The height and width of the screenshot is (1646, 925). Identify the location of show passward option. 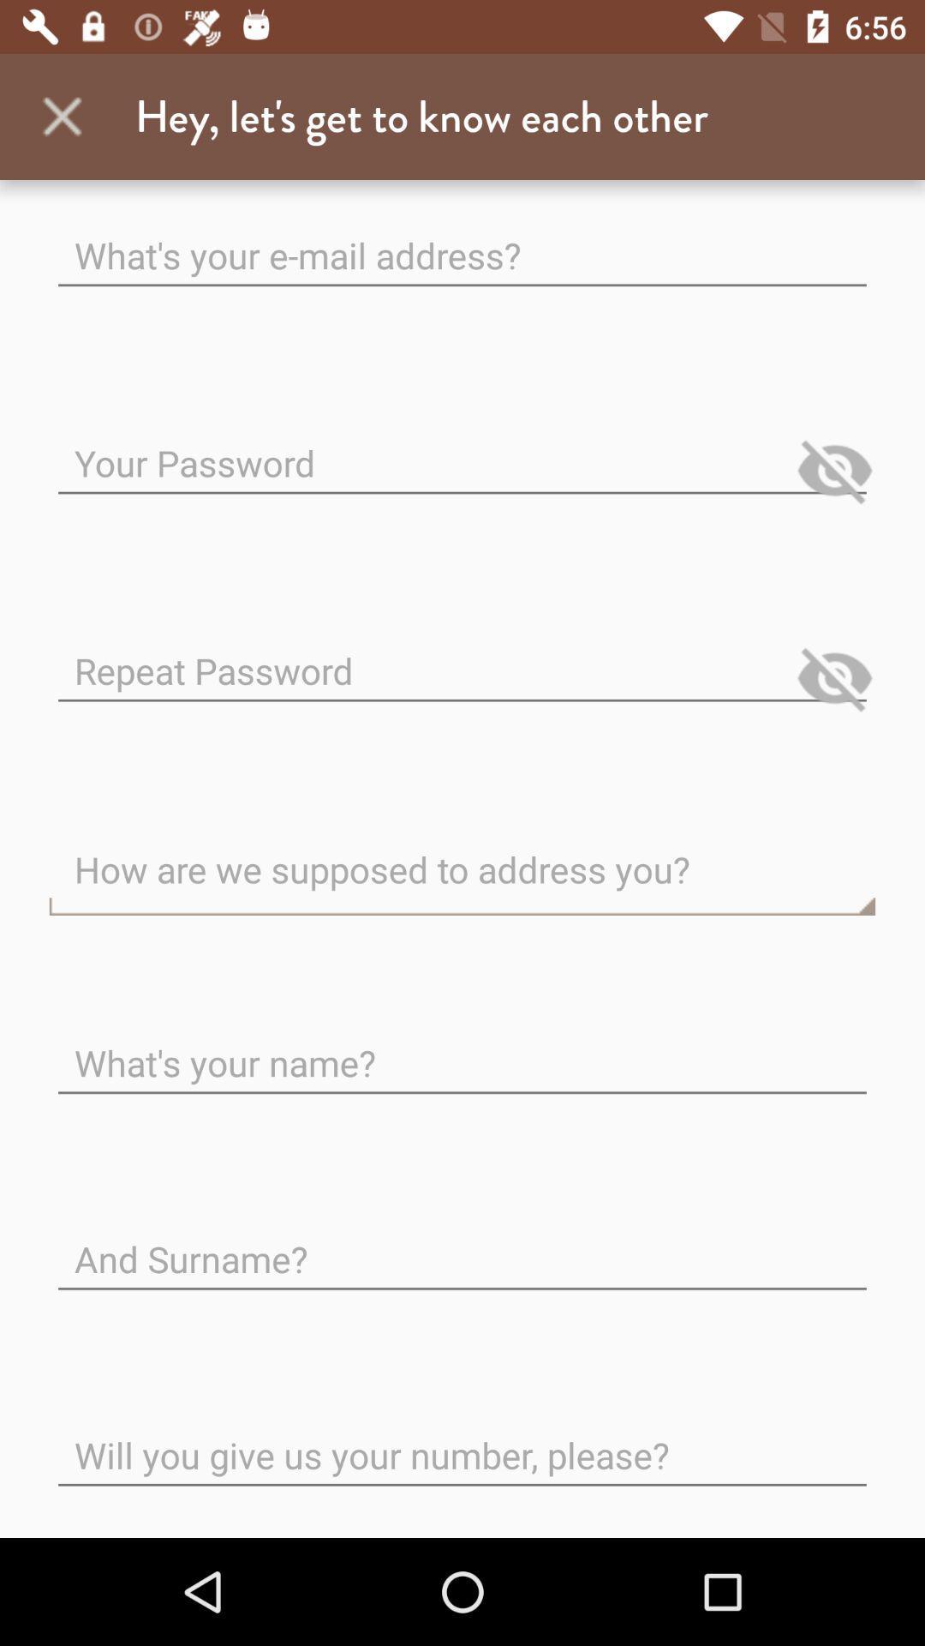
(834, 470).